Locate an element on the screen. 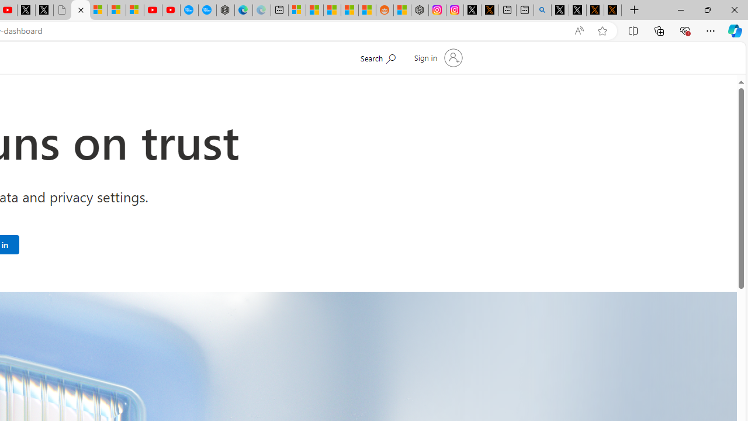 This screenshot has width=748, height=421. 'Search Microsoft.com' is located at coordinates (378, 57).